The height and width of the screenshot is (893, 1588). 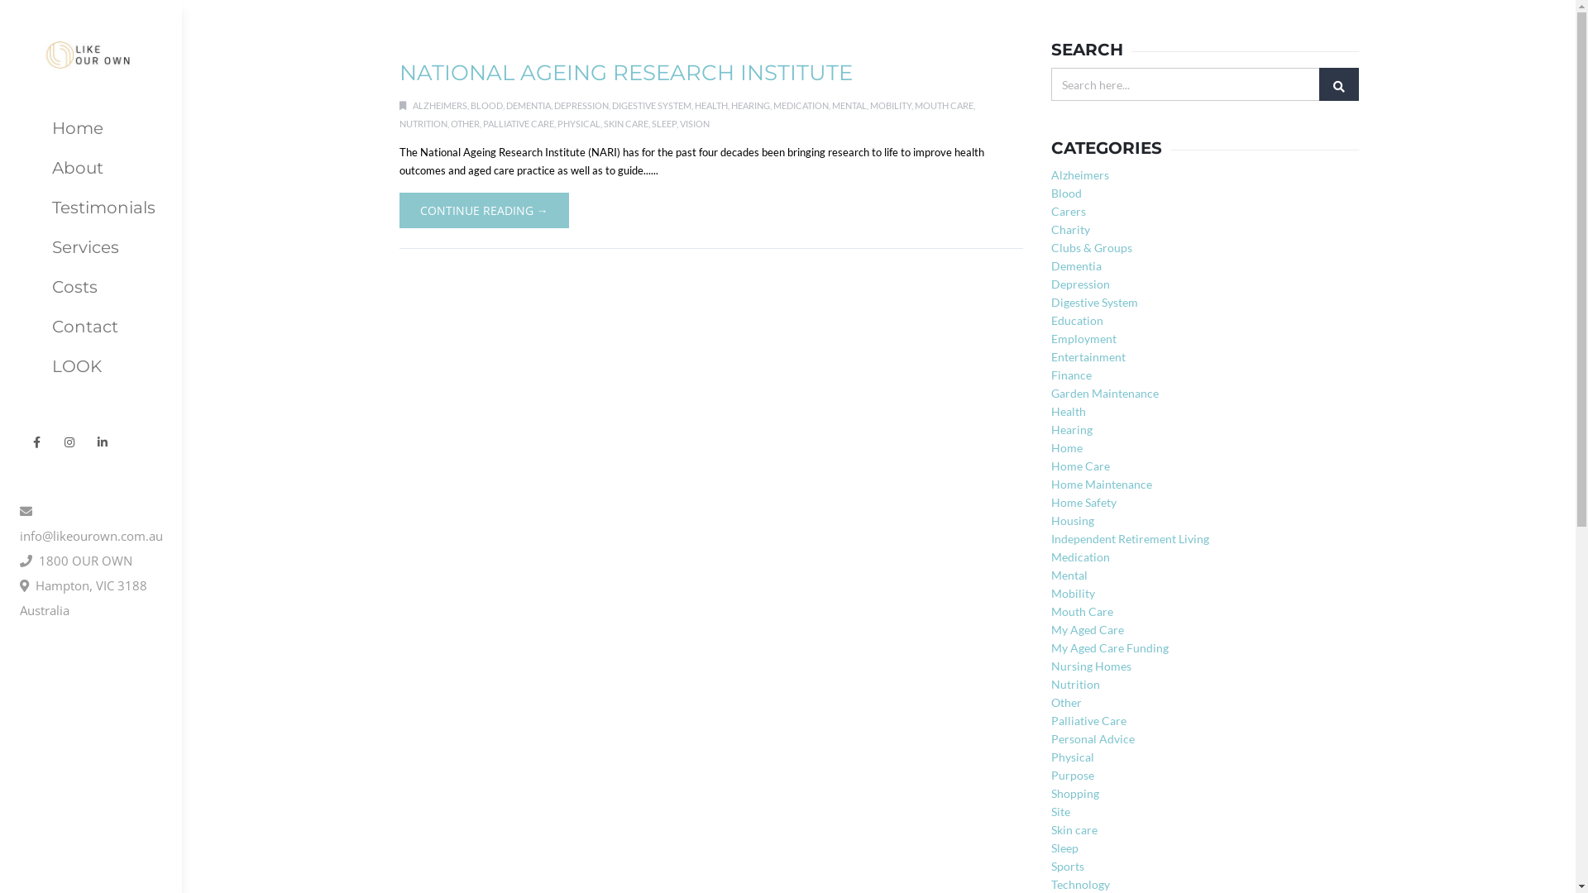 I want to click on 'Home Maintenance', so click(x=1101, y=484).